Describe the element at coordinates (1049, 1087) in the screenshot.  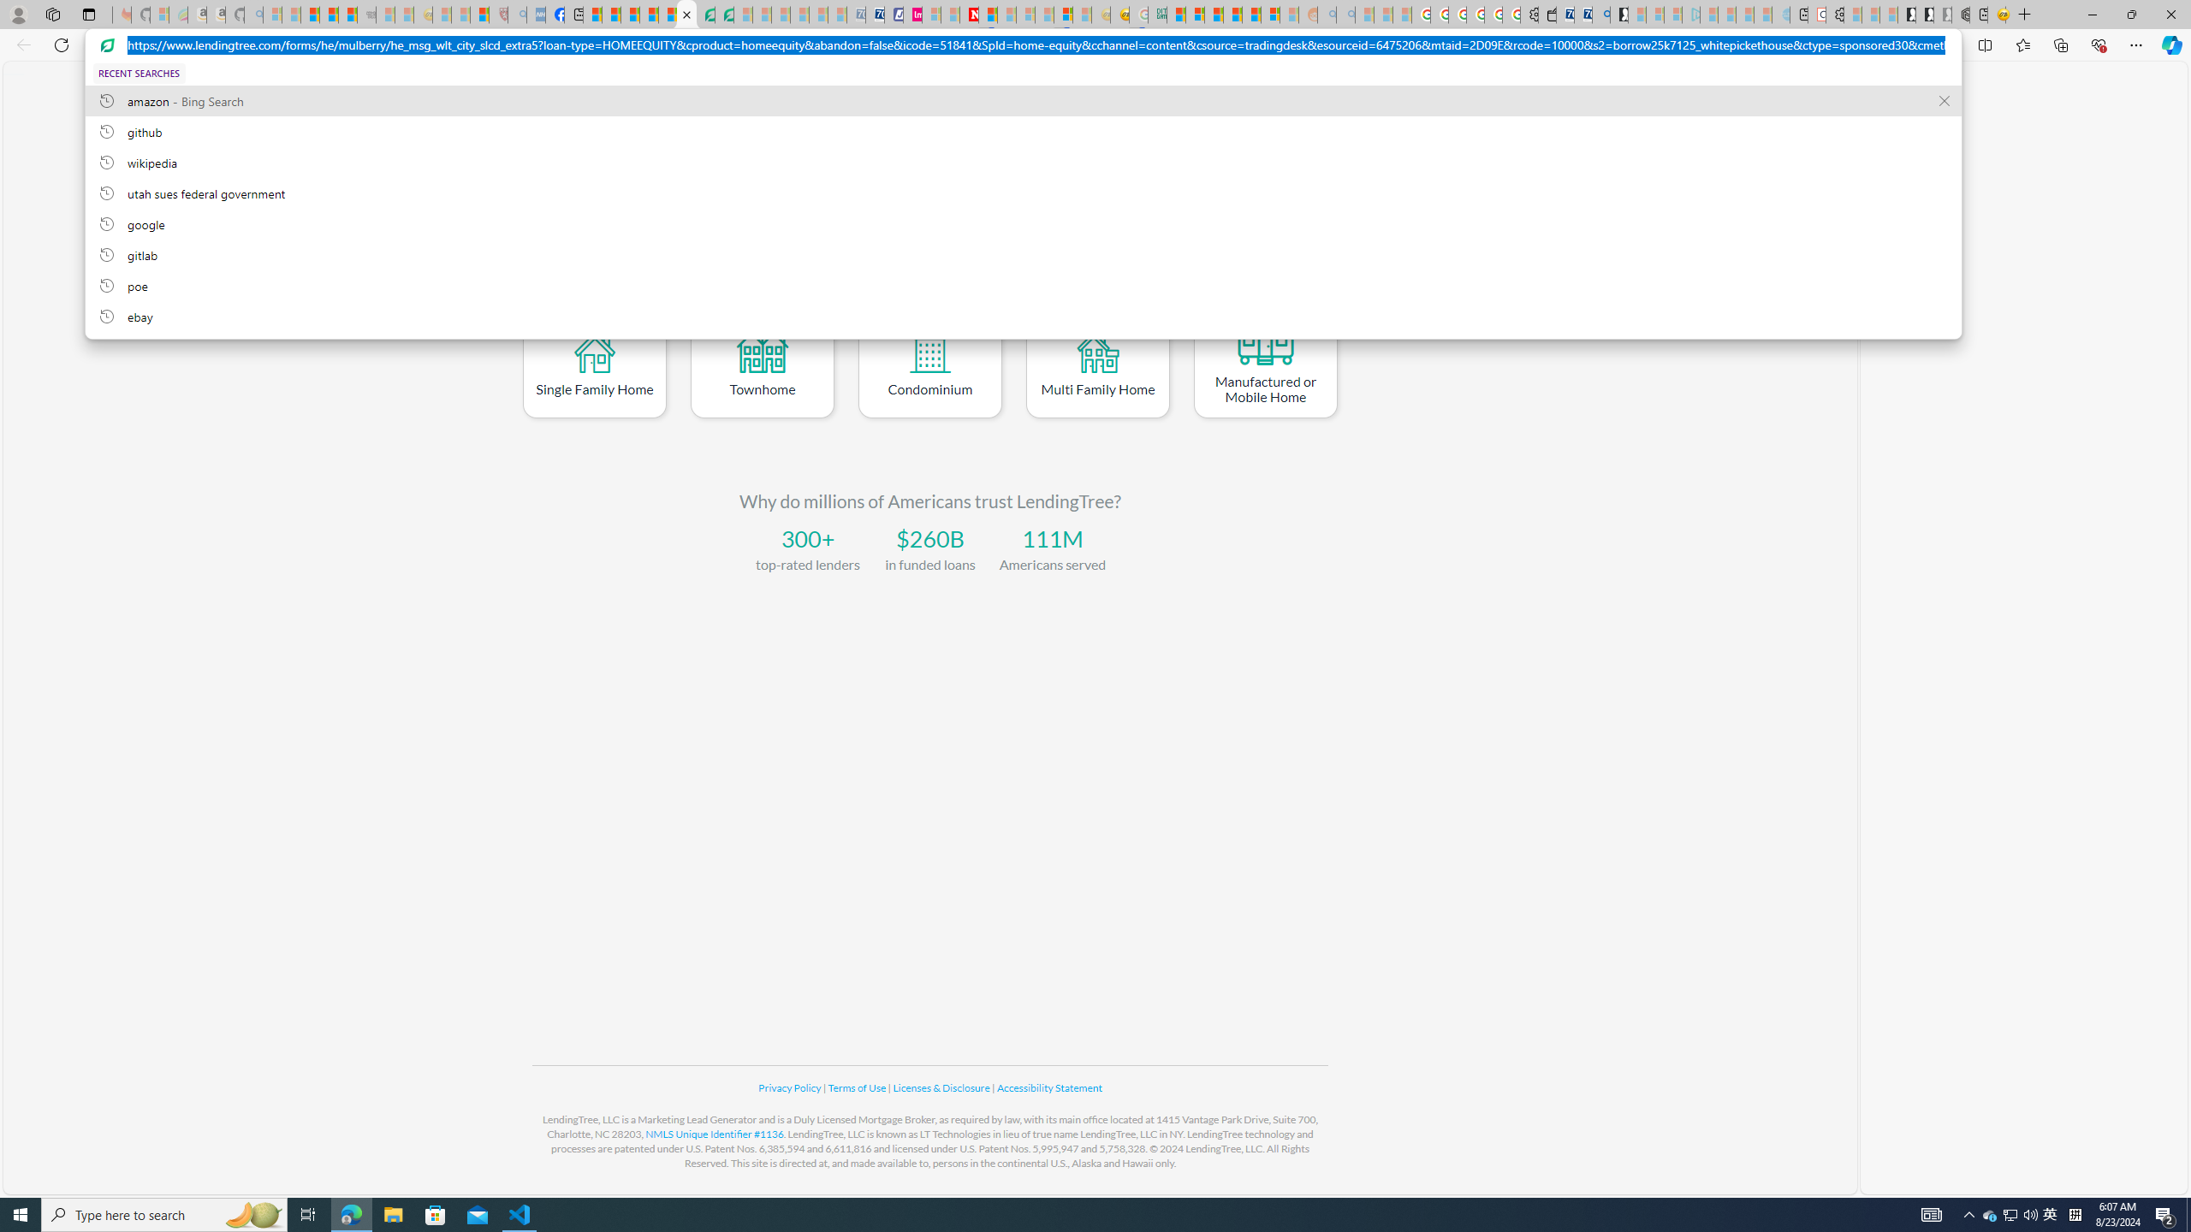
I see `'Accessibility Statement'` at that location.